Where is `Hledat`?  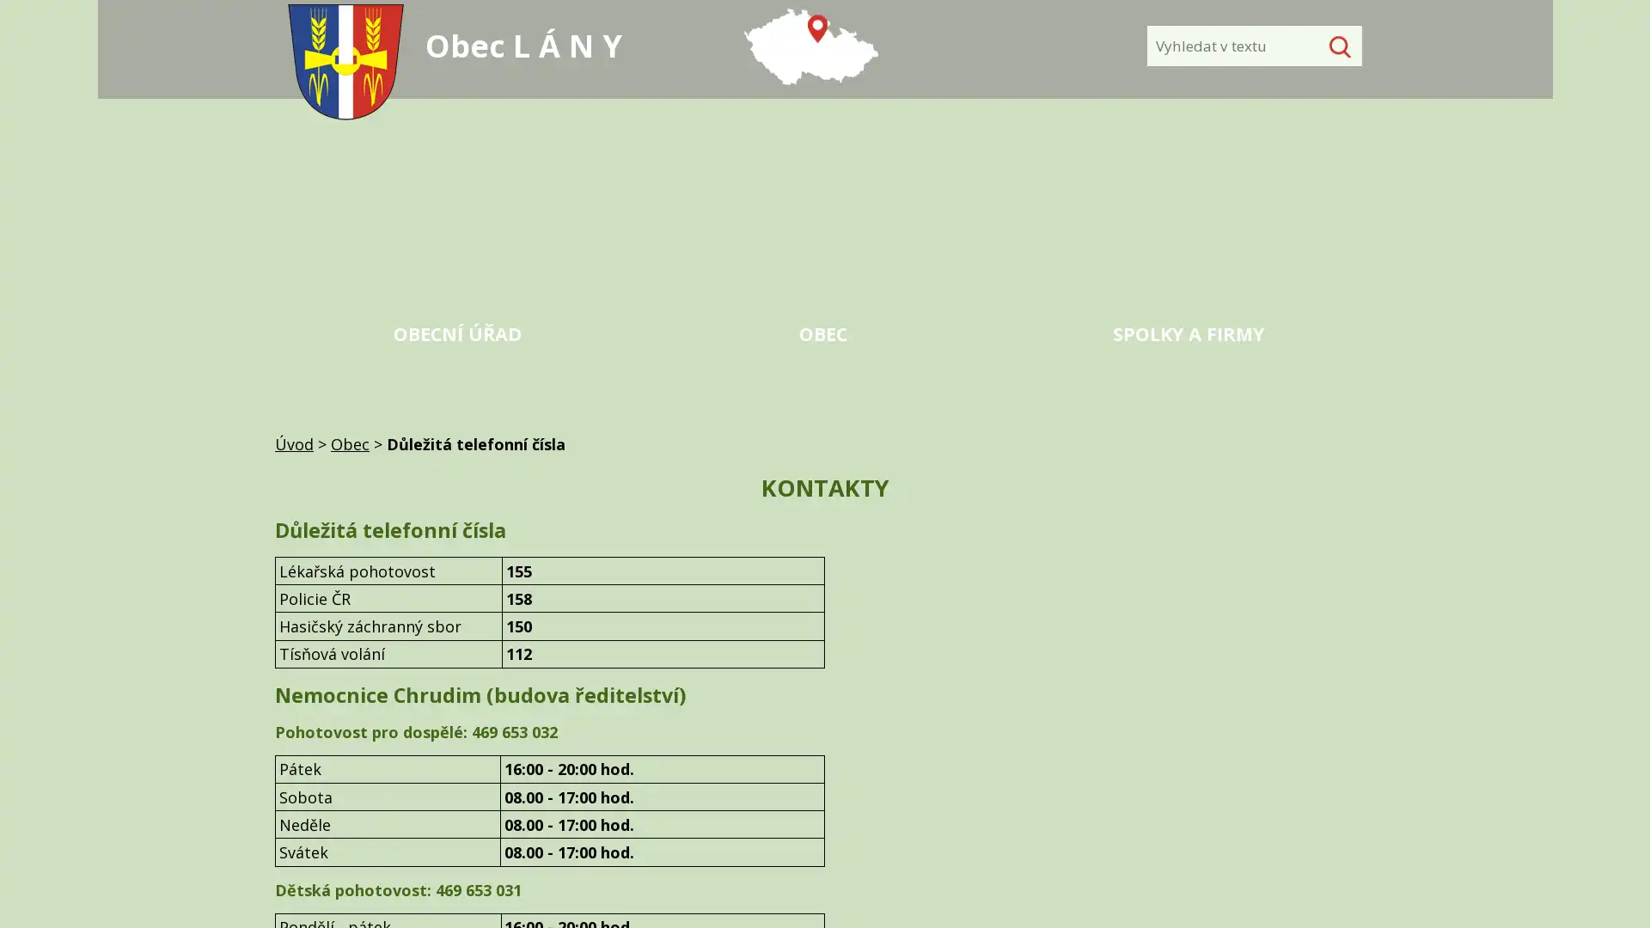
Hledat is located at coordinates (1335, 46).